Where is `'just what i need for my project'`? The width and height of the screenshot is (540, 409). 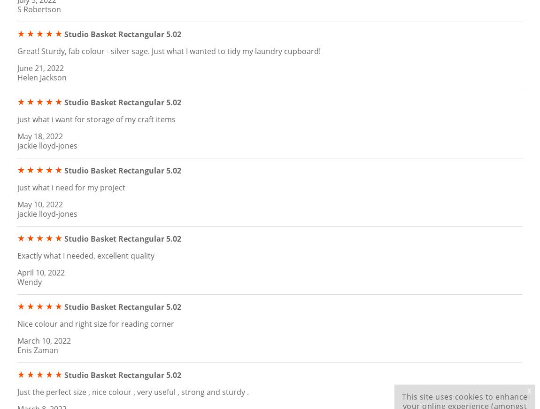 'just what i need for my project' is located at coordinates (71, 187).